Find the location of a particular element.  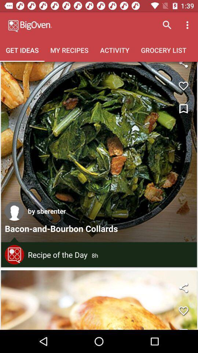

like button is located at coordinates (183, 86).